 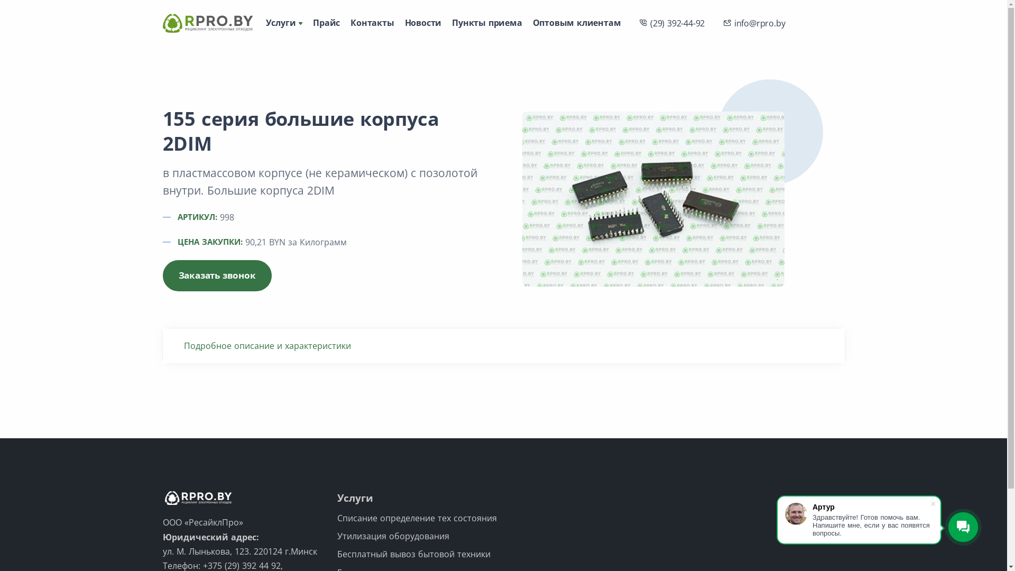 What do you see at coordinates (671, 23) in the screenshot?
I see `'(29) 392-44-92'` at bounding box center [671, 23].